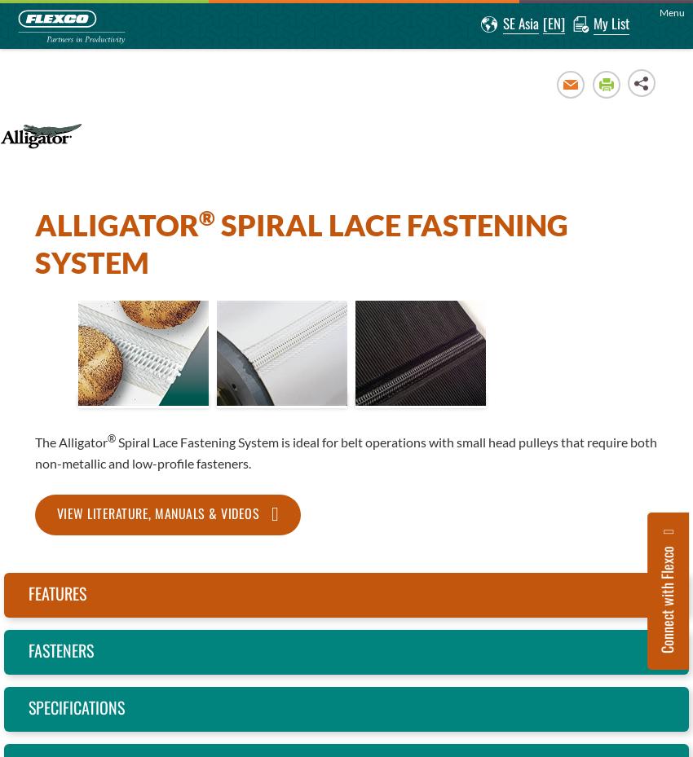 The image size is (693, 757). I want to click on 'Alligator', so click(116, 222).